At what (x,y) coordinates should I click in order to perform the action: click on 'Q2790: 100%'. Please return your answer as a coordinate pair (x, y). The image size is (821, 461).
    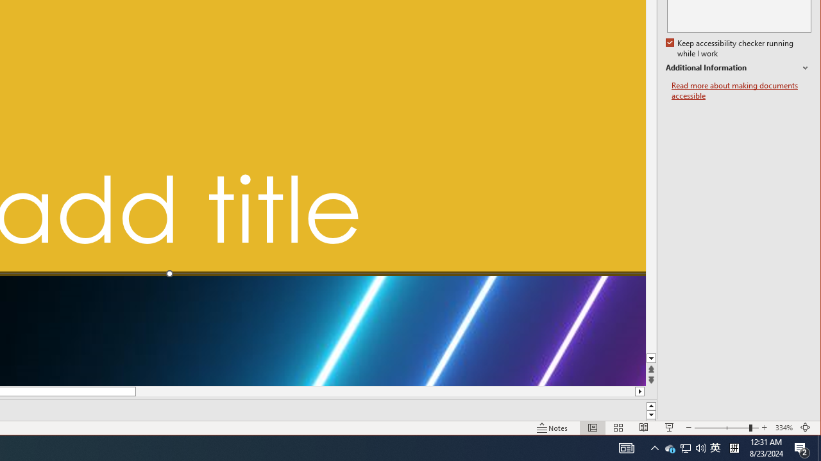
    Looking at the image, I should click on (700, 447).